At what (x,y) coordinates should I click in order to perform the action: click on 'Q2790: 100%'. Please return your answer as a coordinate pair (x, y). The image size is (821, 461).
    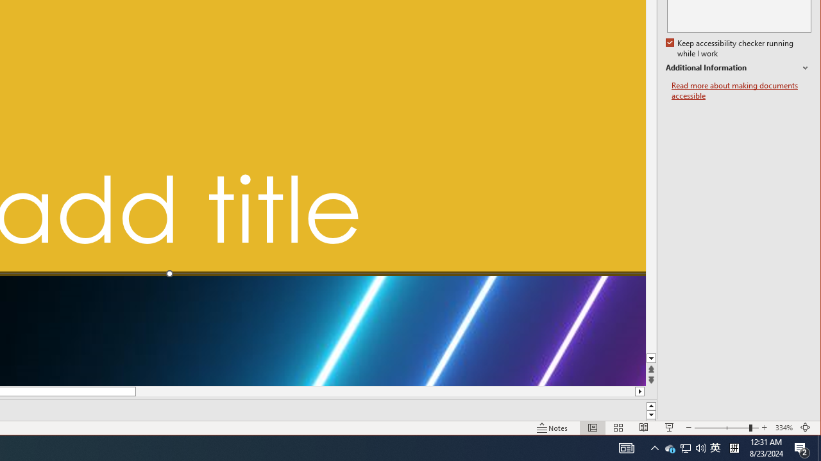
    Looking at the image, I should click on (700, 447).